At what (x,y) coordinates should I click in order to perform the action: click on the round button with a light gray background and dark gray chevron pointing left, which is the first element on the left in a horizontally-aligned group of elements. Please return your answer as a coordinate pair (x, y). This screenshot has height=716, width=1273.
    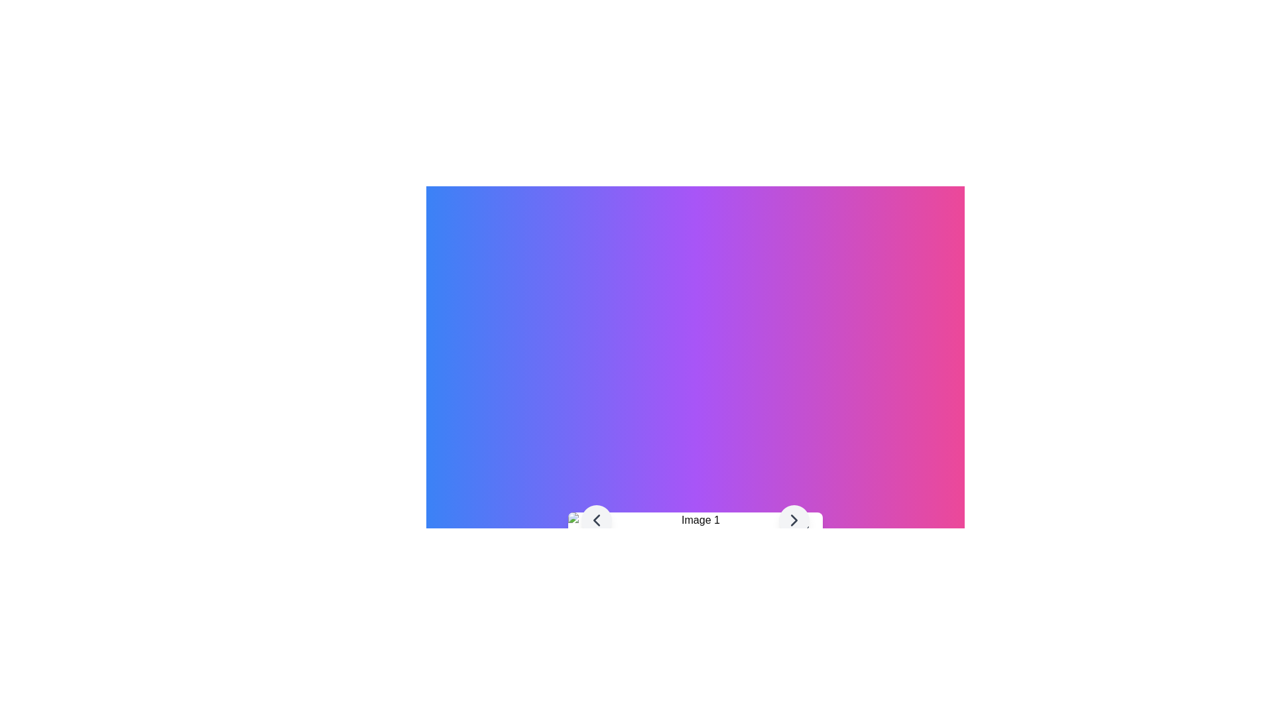
    Looking at the image, I should click on (596, 520).